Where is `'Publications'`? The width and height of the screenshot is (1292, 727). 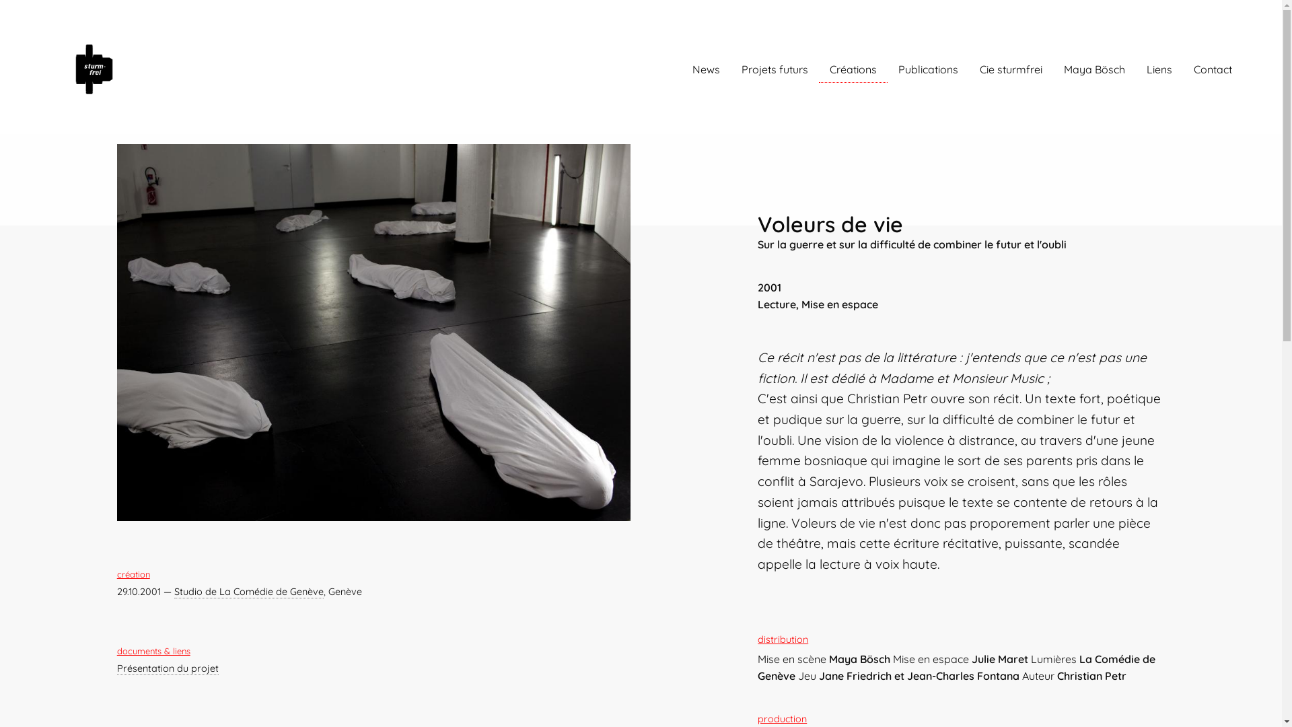
'Publications' is located at coordinates (888, 69).